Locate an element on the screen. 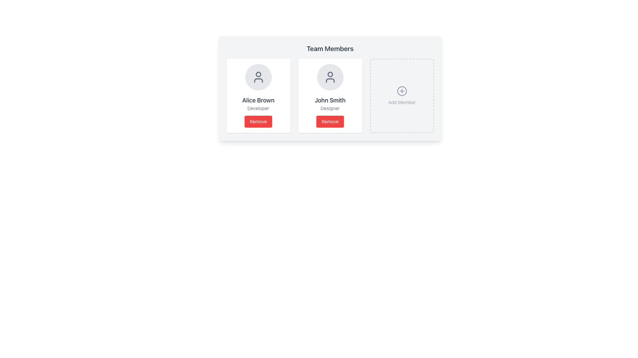  the static text display showing the name 'Alice Brown' in the user profile card within the team management interface is located at coordinates (258, 100).